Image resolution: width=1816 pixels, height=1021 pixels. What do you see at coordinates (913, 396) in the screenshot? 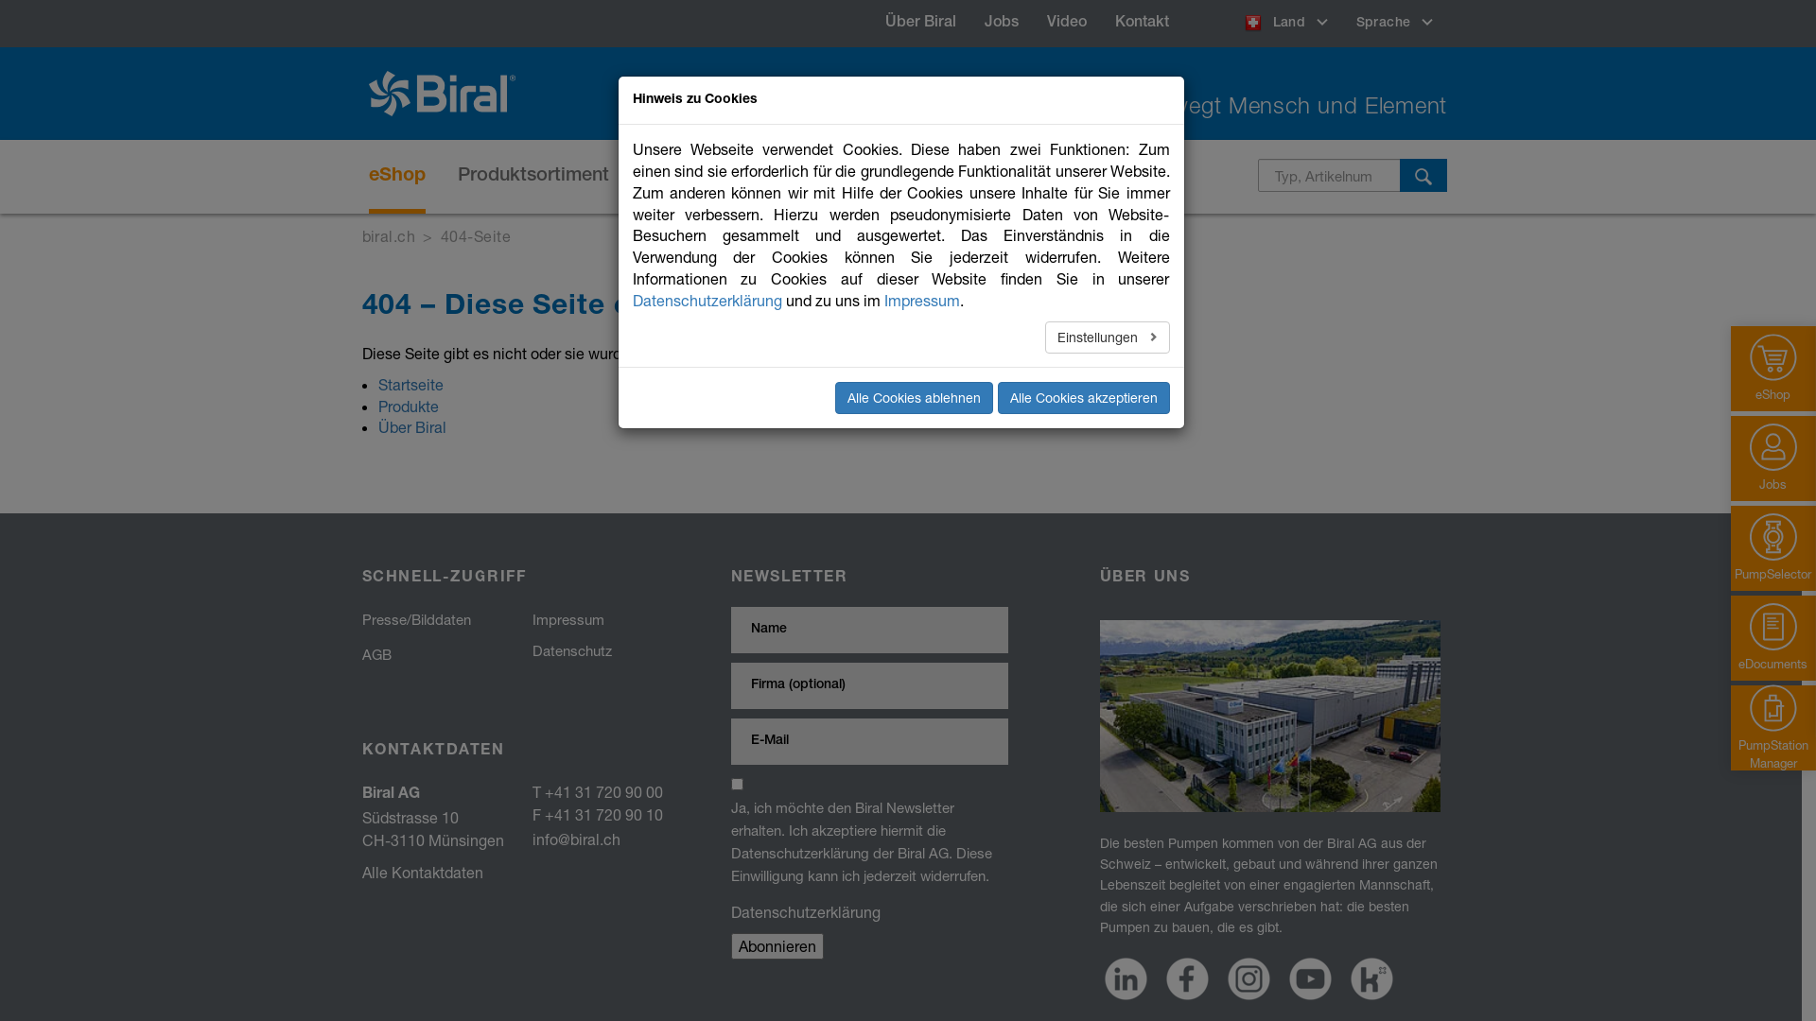
I see `'Alle Cookies ablehnen'` at bounding box center [913, 396].